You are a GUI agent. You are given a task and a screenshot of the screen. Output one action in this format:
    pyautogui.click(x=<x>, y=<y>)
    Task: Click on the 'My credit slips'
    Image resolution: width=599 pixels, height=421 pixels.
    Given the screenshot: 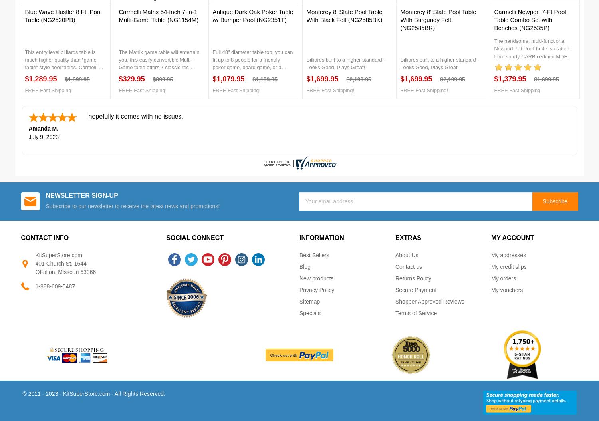 What is the action you would take?
    pyautogui.click(x=508, y=267)
    